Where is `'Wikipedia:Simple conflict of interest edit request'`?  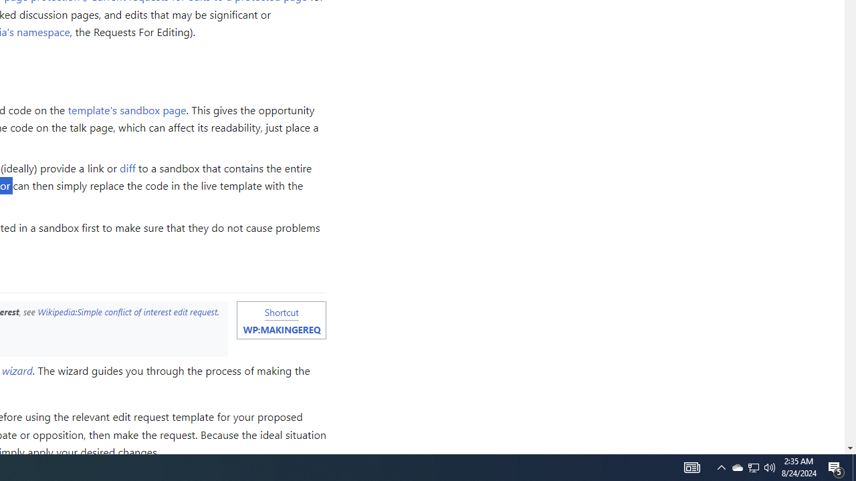 'Wikipedia:Simple conflict of interest edit request' is located at coordinates (127, 311).